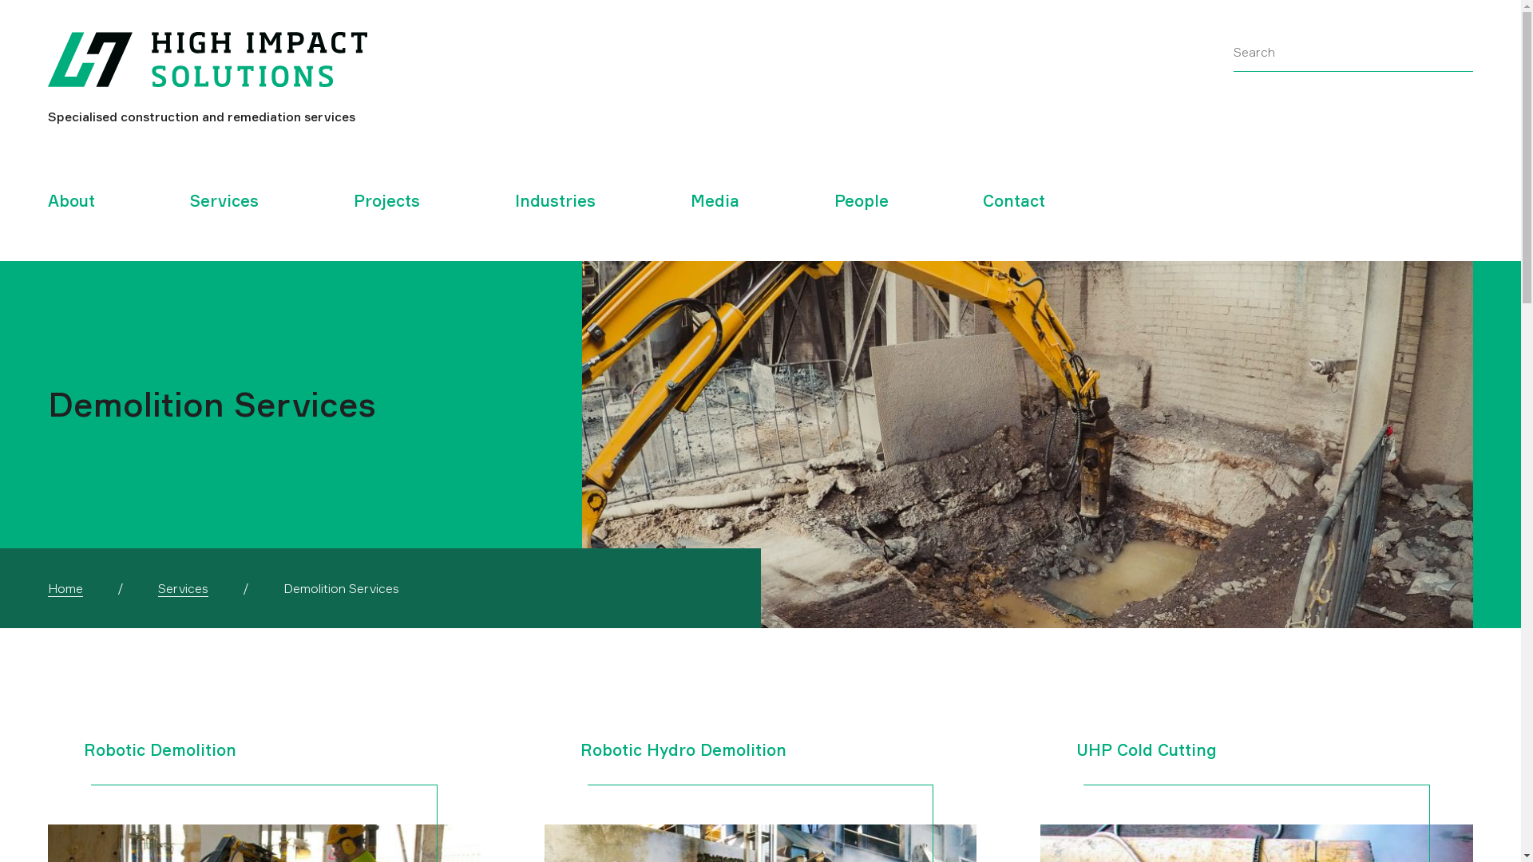 Image resolution: width=1533 pixels, height=862 pixels. I want to click on 'Projects', so click(386, 200).